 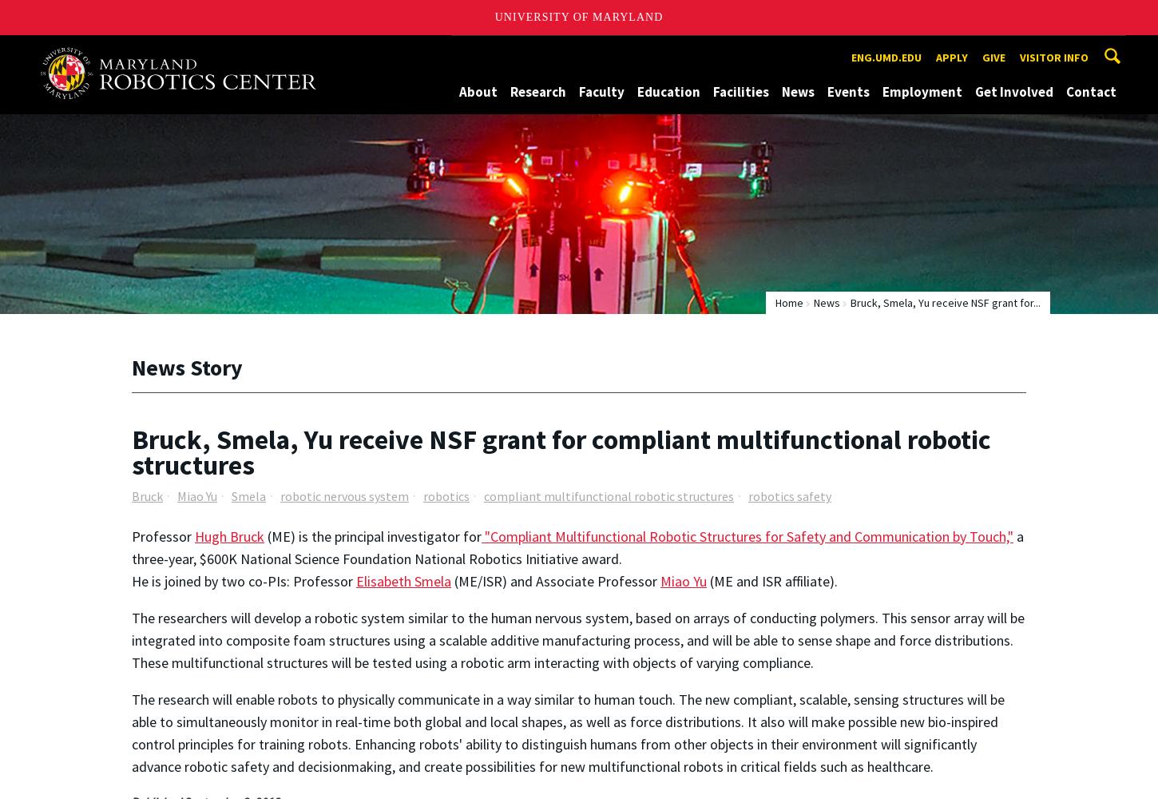 What do you see at coordinates (885, 57) in the screenshot?
I see `'eng.umd.edu'` at bounding box center [885, 57].